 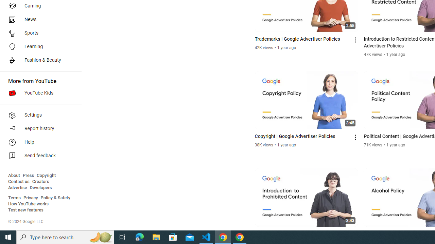 What do you see at coordinates (38, 33) in the screenshot?
I see `'Sports'` at bounding box center [38, 33].